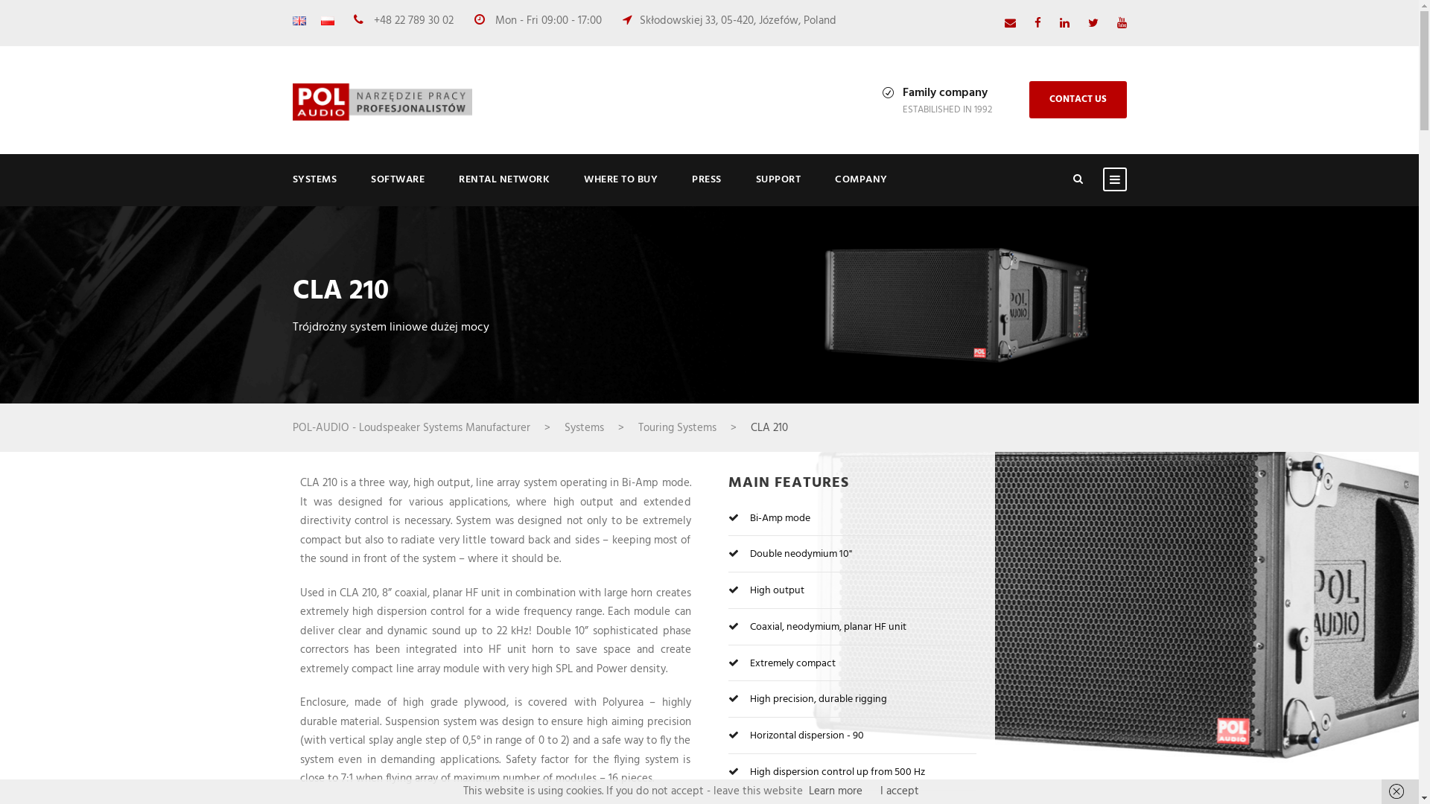 The image size is (1430, 804). I want to click on 'SYSTEMS', so click(314, 188).